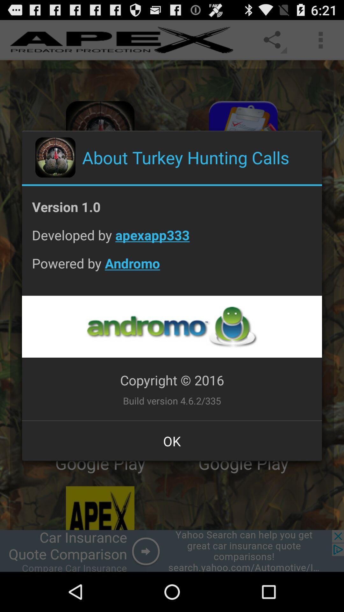  Describe the element at coordinates (172, 441) in the screenshot. I see `the item below build version 4 item` at that location.